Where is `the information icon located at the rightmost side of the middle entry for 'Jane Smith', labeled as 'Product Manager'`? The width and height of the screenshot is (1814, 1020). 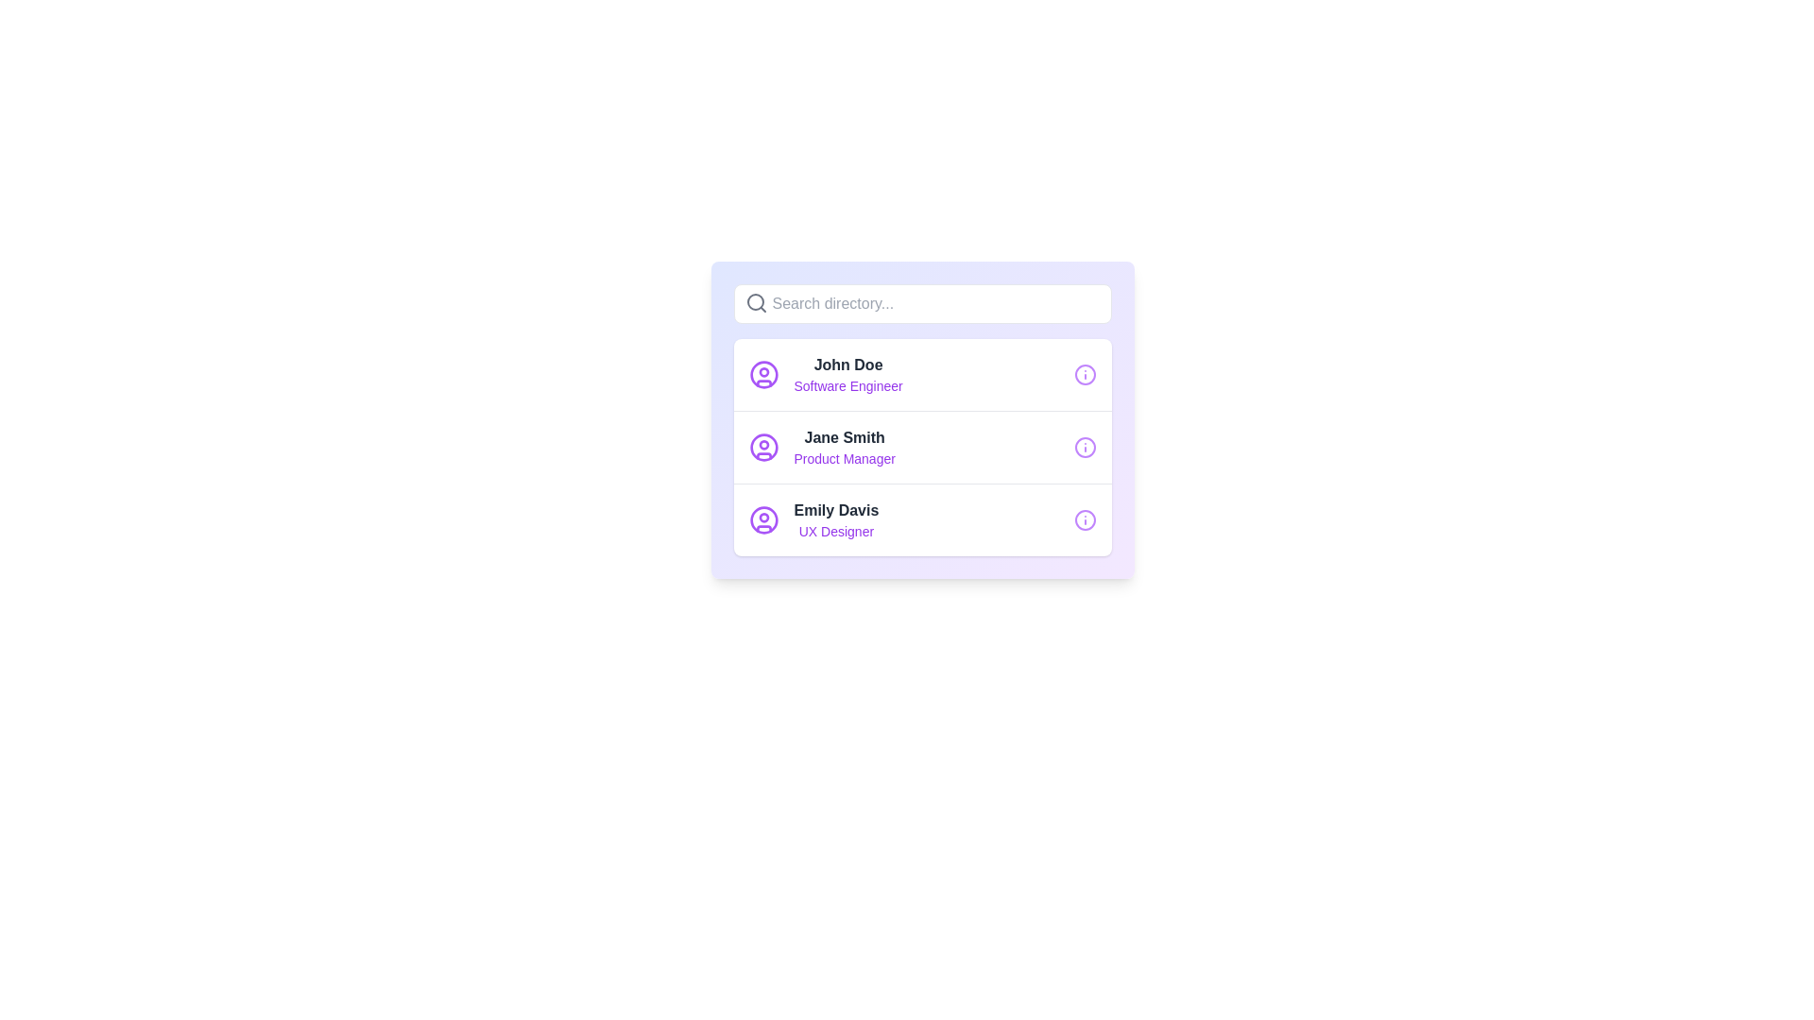
the information icon located at the rightmost side of the middle entry for 'Jane Smith', labeled as 'Product Manager' is located at coordinates (1085, 448).